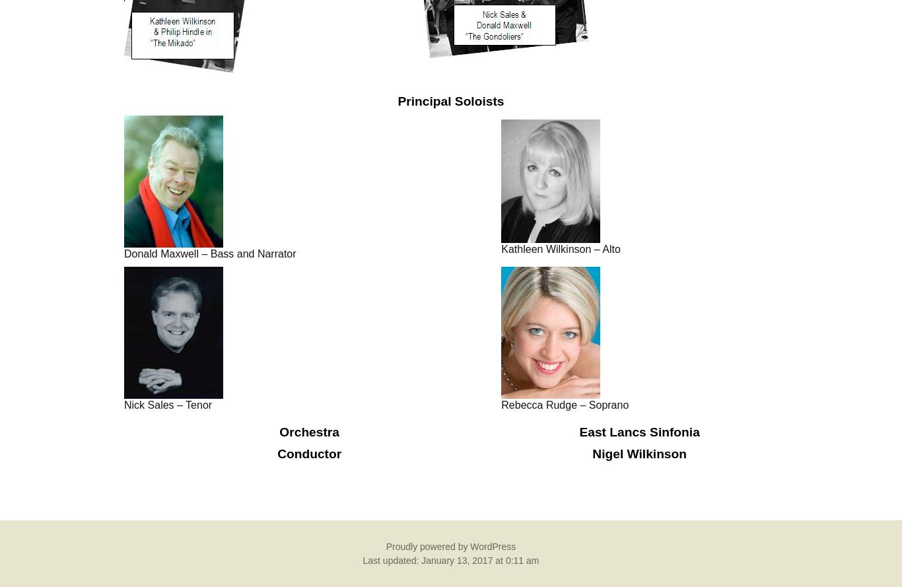 The width and height of the screenshot is (902, 587). I want to click on 'Proudly powered by WordPress', so click(384, 545).